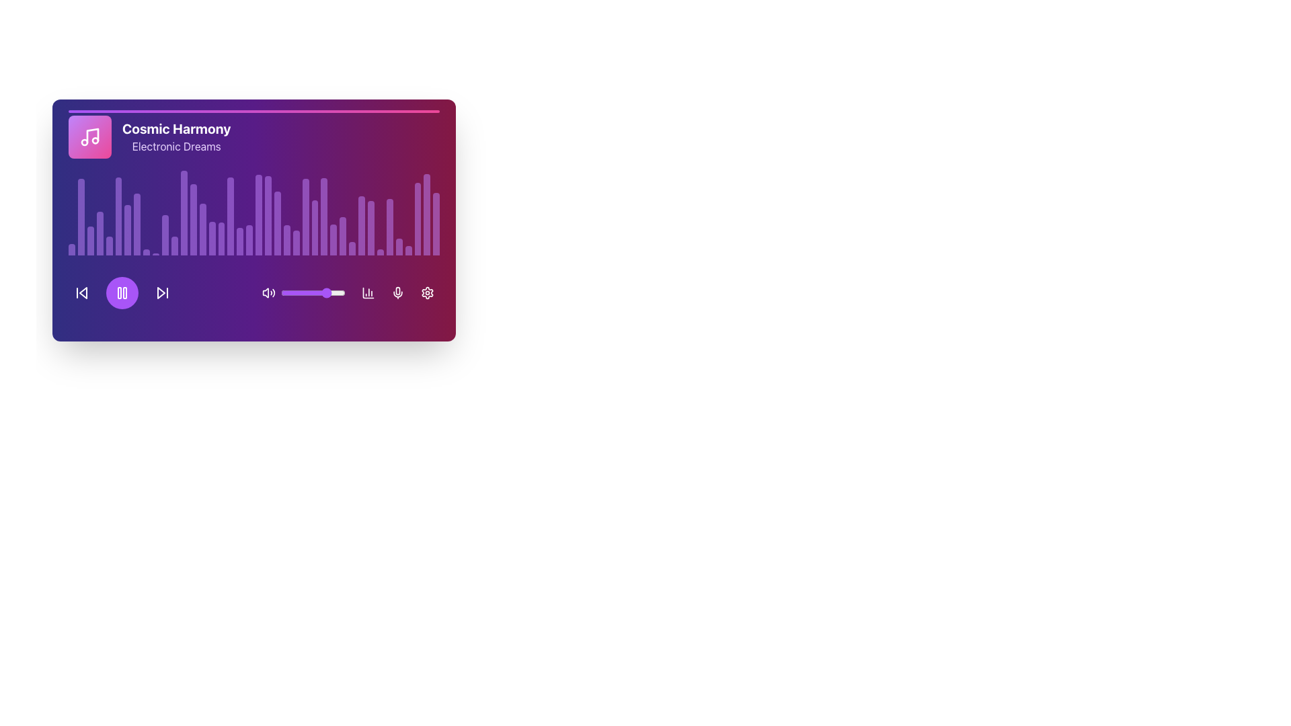  Describe the element at coordinates (398, 247) in the screenshot. I see `the 35th vertical bar in the sound equalizer interface, which represents the amplitude of a specific frequency band` at that location.